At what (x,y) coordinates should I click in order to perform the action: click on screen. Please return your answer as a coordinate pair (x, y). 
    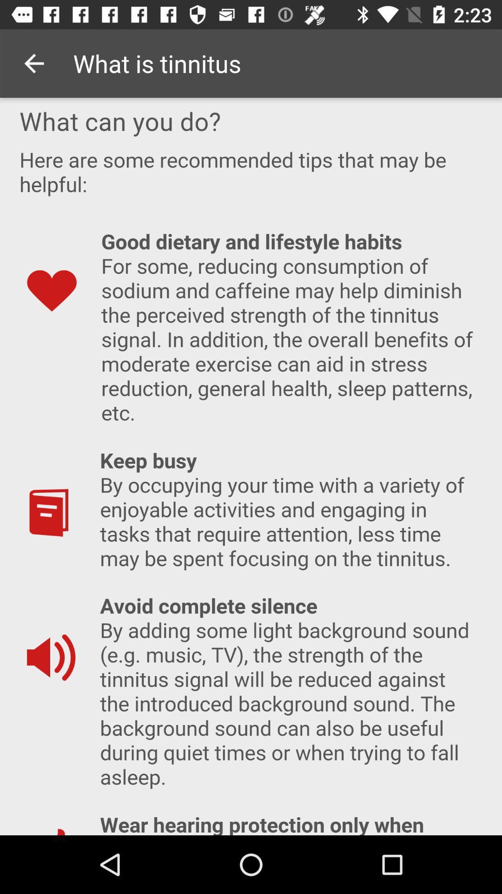
    Looking at the image, I should click on (251, 467).